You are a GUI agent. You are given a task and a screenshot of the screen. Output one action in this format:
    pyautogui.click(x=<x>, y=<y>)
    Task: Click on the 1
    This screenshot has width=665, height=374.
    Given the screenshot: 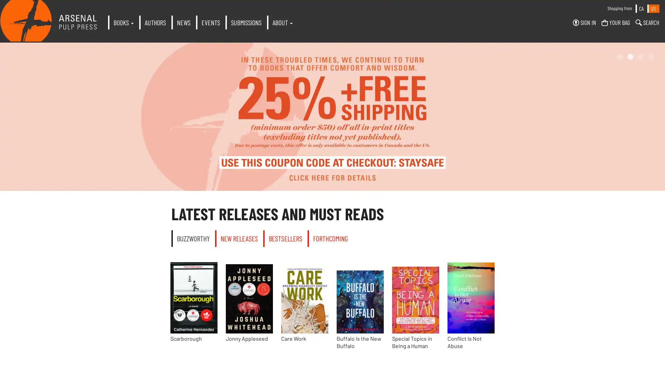 What is the action you would take?
    pyautogui.click(x=620, y=57)
    